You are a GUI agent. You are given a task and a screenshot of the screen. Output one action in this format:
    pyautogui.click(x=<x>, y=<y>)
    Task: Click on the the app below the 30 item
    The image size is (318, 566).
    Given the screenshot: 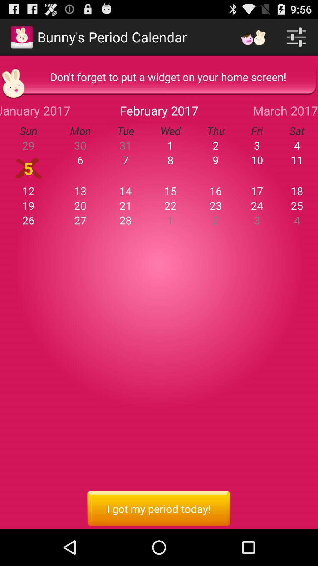 What is the action you would take?
    pyautogui.click(x=125, y=160)
    